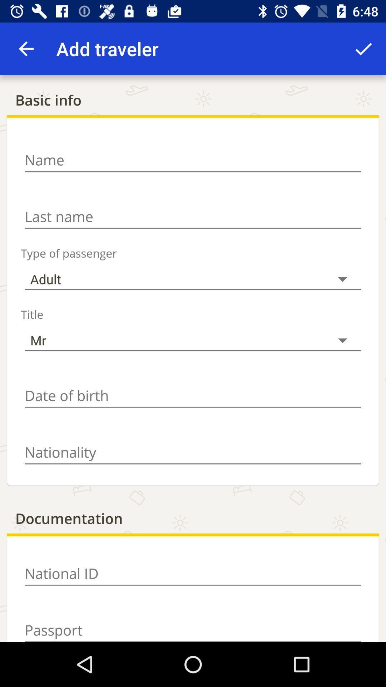 The width and height of the screenshot is (386, 687). What do you see at coordinates (193, 216) in the screenshot?
I see `field for last name` at bounding box center [193, 216].